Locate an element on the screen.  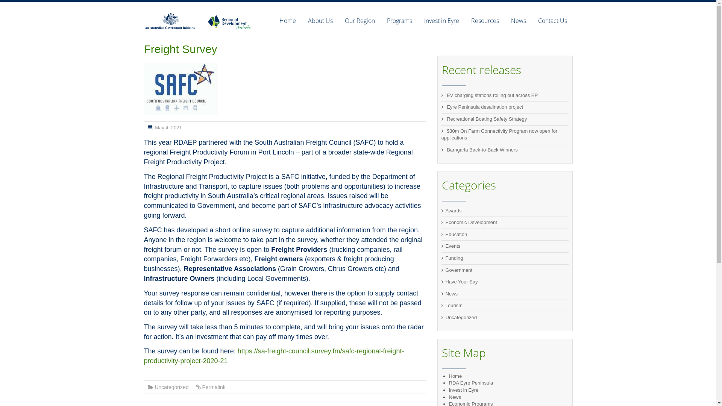
'Permalink' is located at coordinates (213, 387).